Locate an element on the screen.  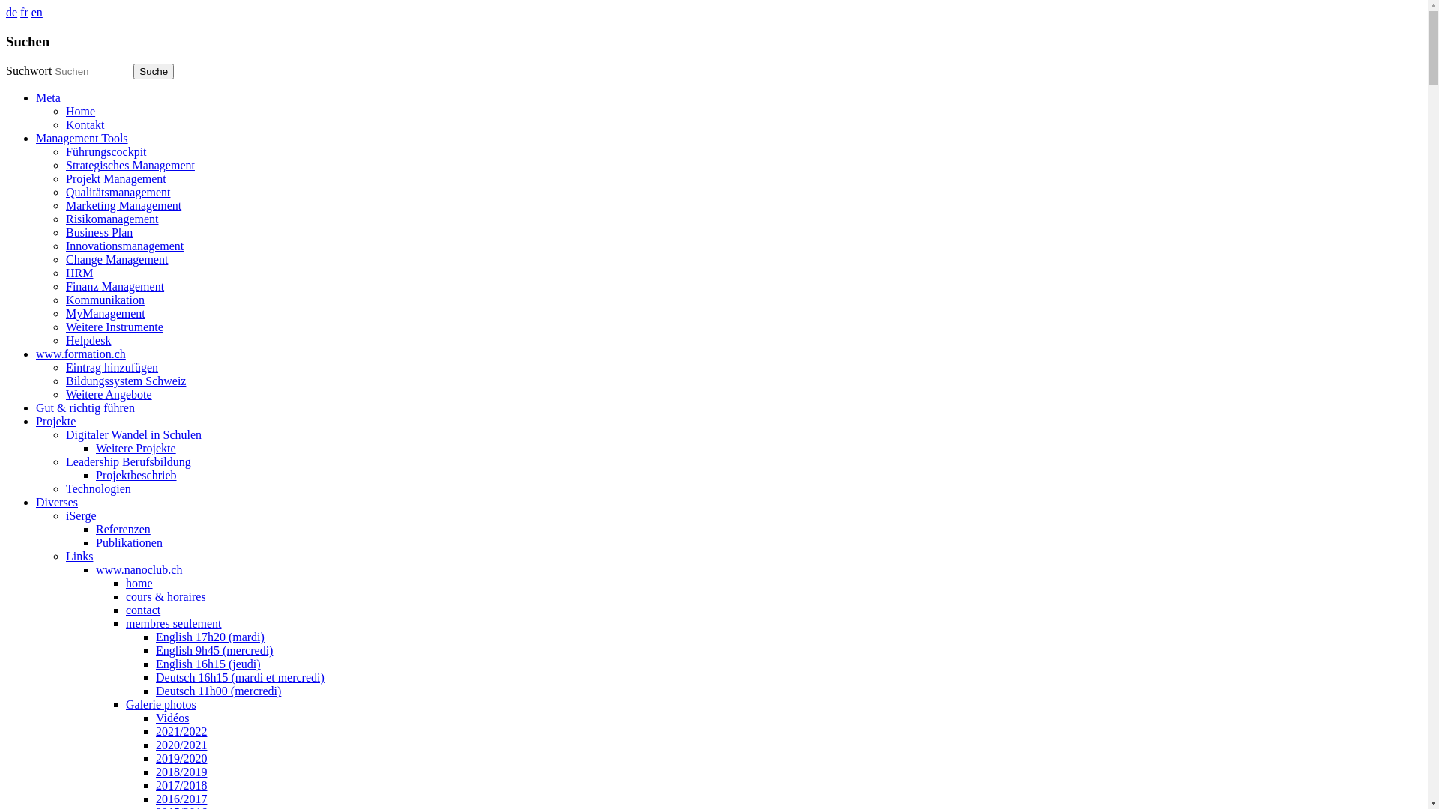
'Deutsch 16h15 (mardi et mercredi)' is located at coordinates (240, 677).